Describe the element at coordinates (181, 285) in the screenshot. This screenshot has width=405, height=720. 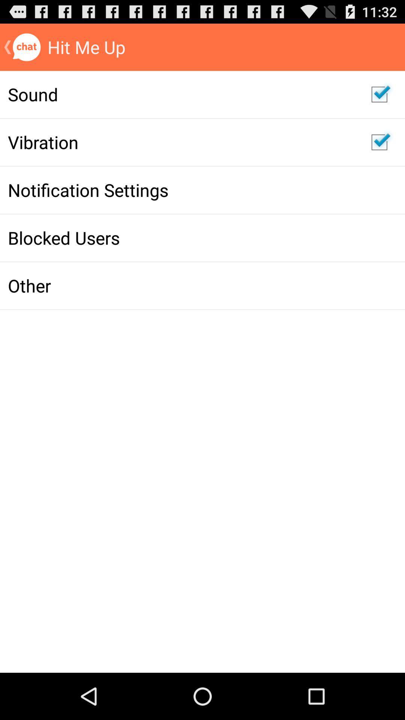
I see `the other app` at that location.